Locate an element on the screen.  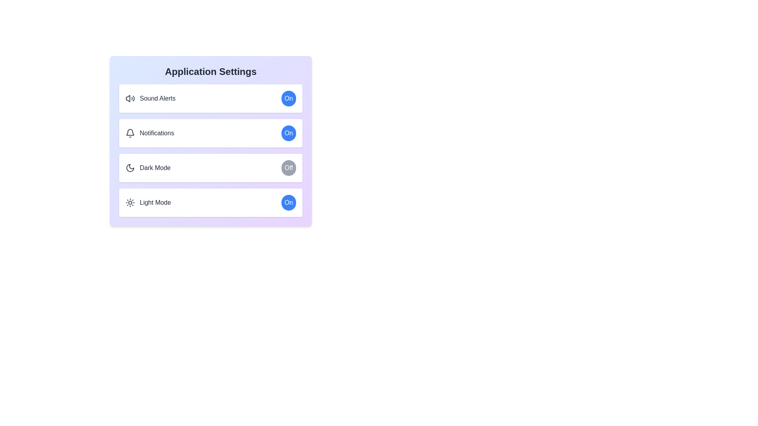
Static Text Label indicating the functionality for toggling light mode in the application settings, located near a sun icon in the fourth position of the settings options is located at coordinates (155, 202).